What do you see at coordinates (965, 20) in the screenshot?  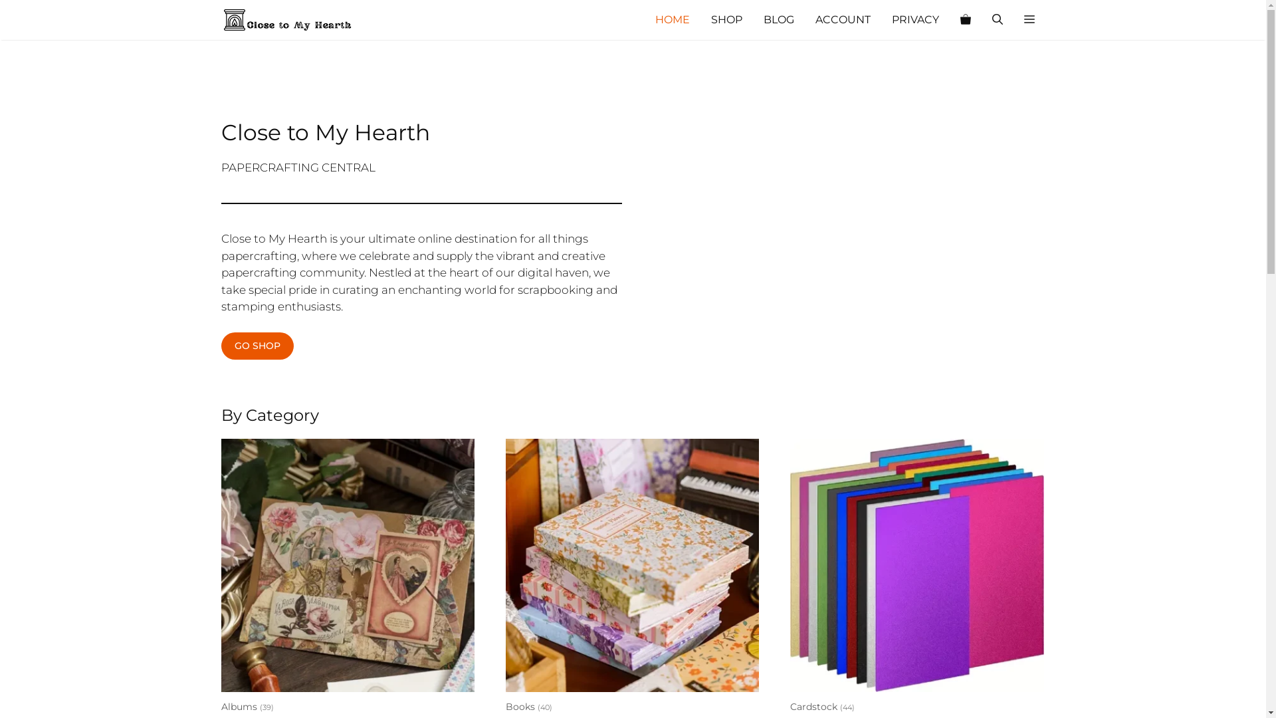 I see `'View your shopping cart'` at bounding box center [965, 20].